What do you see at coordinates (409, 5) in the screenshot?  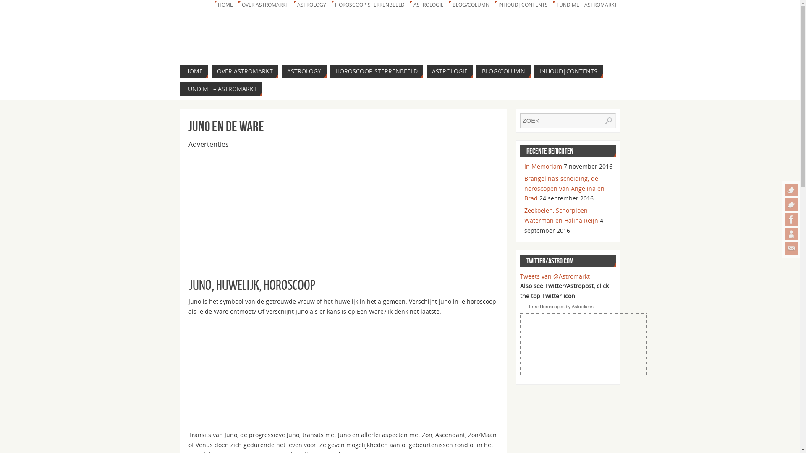 I see `'ASTROLOGIE'` at bounding box center [409, 5].